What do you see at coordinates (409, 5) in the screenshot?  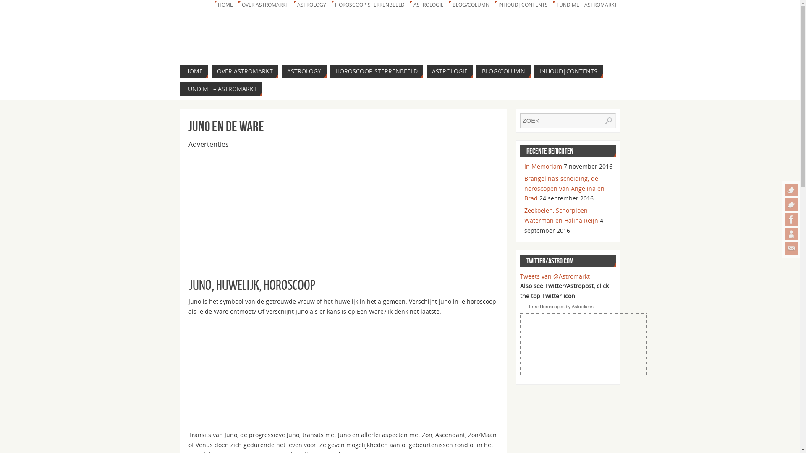 I see `'ASTROLOGIE'` at bounding box center [409, 5].